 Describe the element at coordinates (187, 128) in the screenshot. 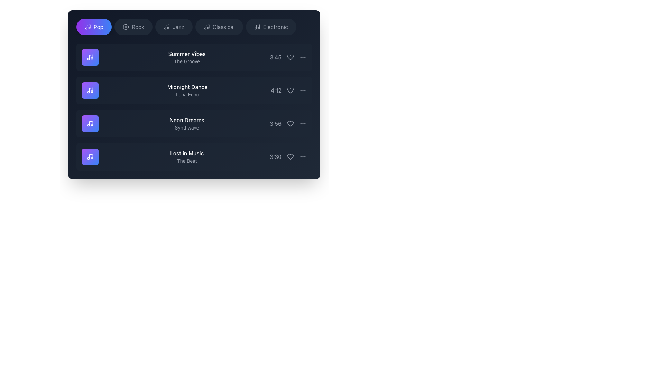

I see `the 'Synthwave' text label, which is a gray-colored, smaller font text located below 'Neon Dreams' in the list of musical tracks` at that location.